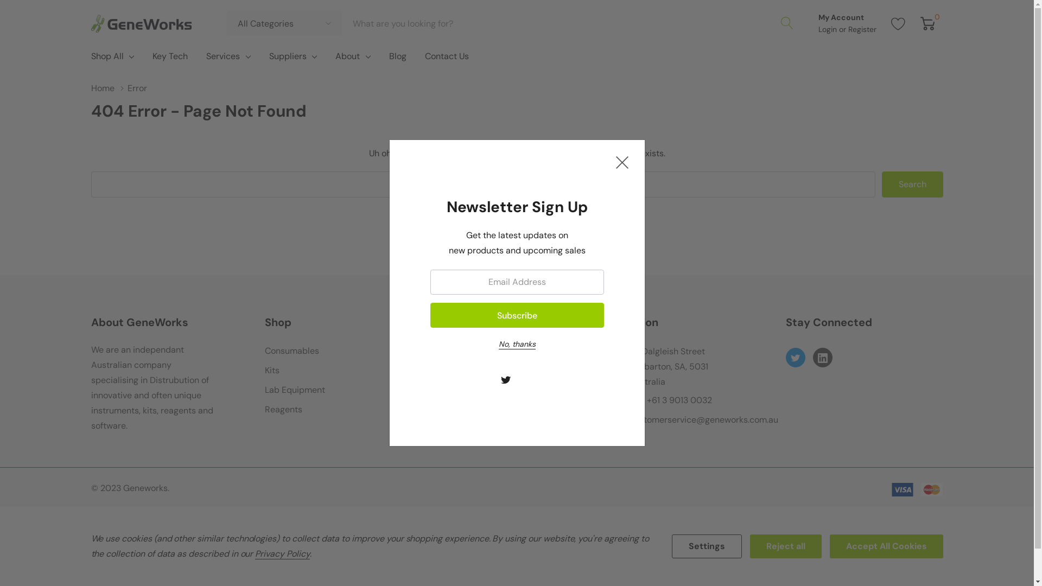 This screenshot has height=586, width=1042. Describe the element at coordinates (886, 546) in the screenshot. I see `'Accept All Cookies'` at that location.